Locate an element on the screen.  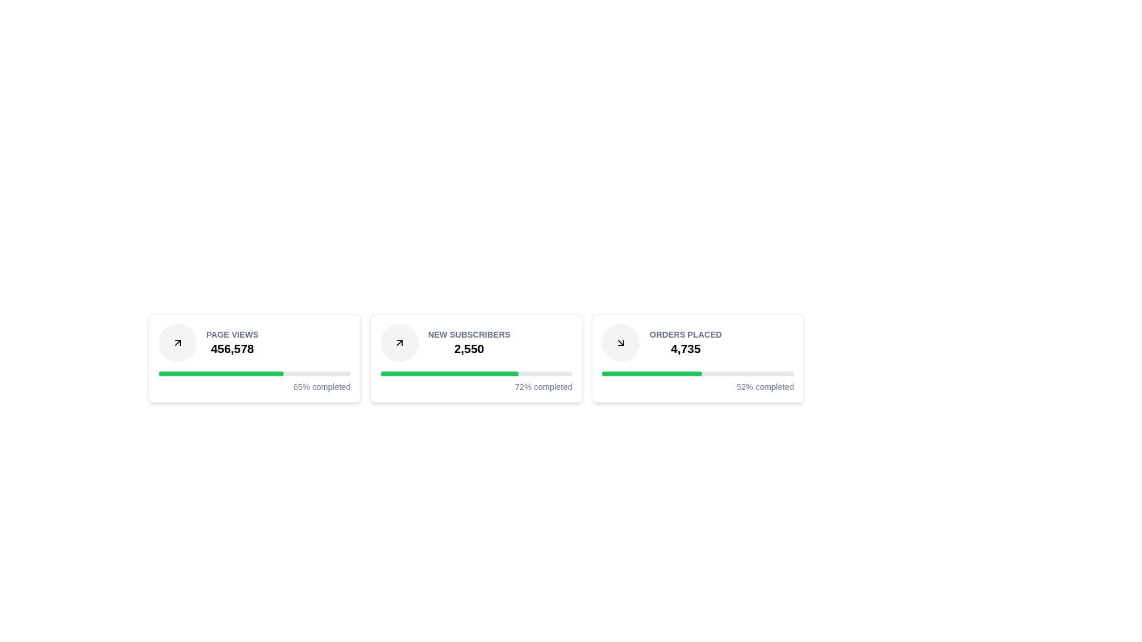
the progress bar located at the bottom of the 'New Subscribers' card, which visually represents a completion status of 72% and is positioned beneath the numeric value '2,550' is located at coordinates (476, 382).